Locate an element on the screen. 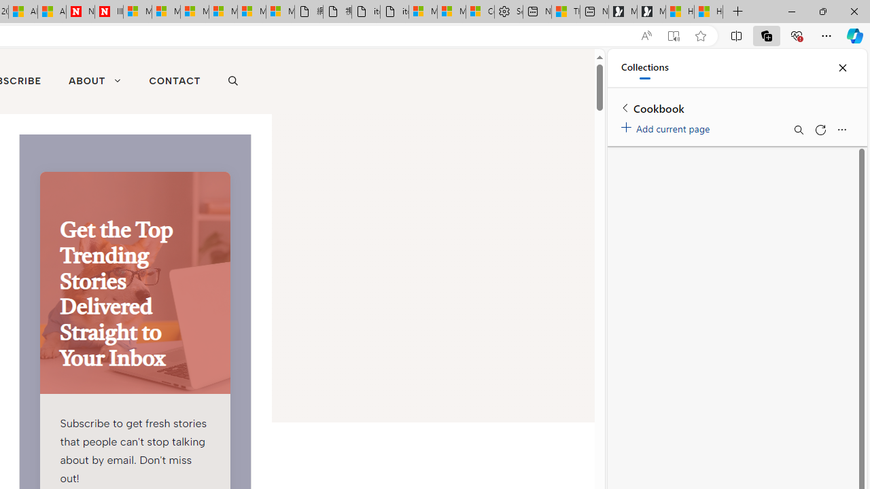 The height and width of the screenshot is (489, 870). 'Add current page' is located at coordinates (668, 126).